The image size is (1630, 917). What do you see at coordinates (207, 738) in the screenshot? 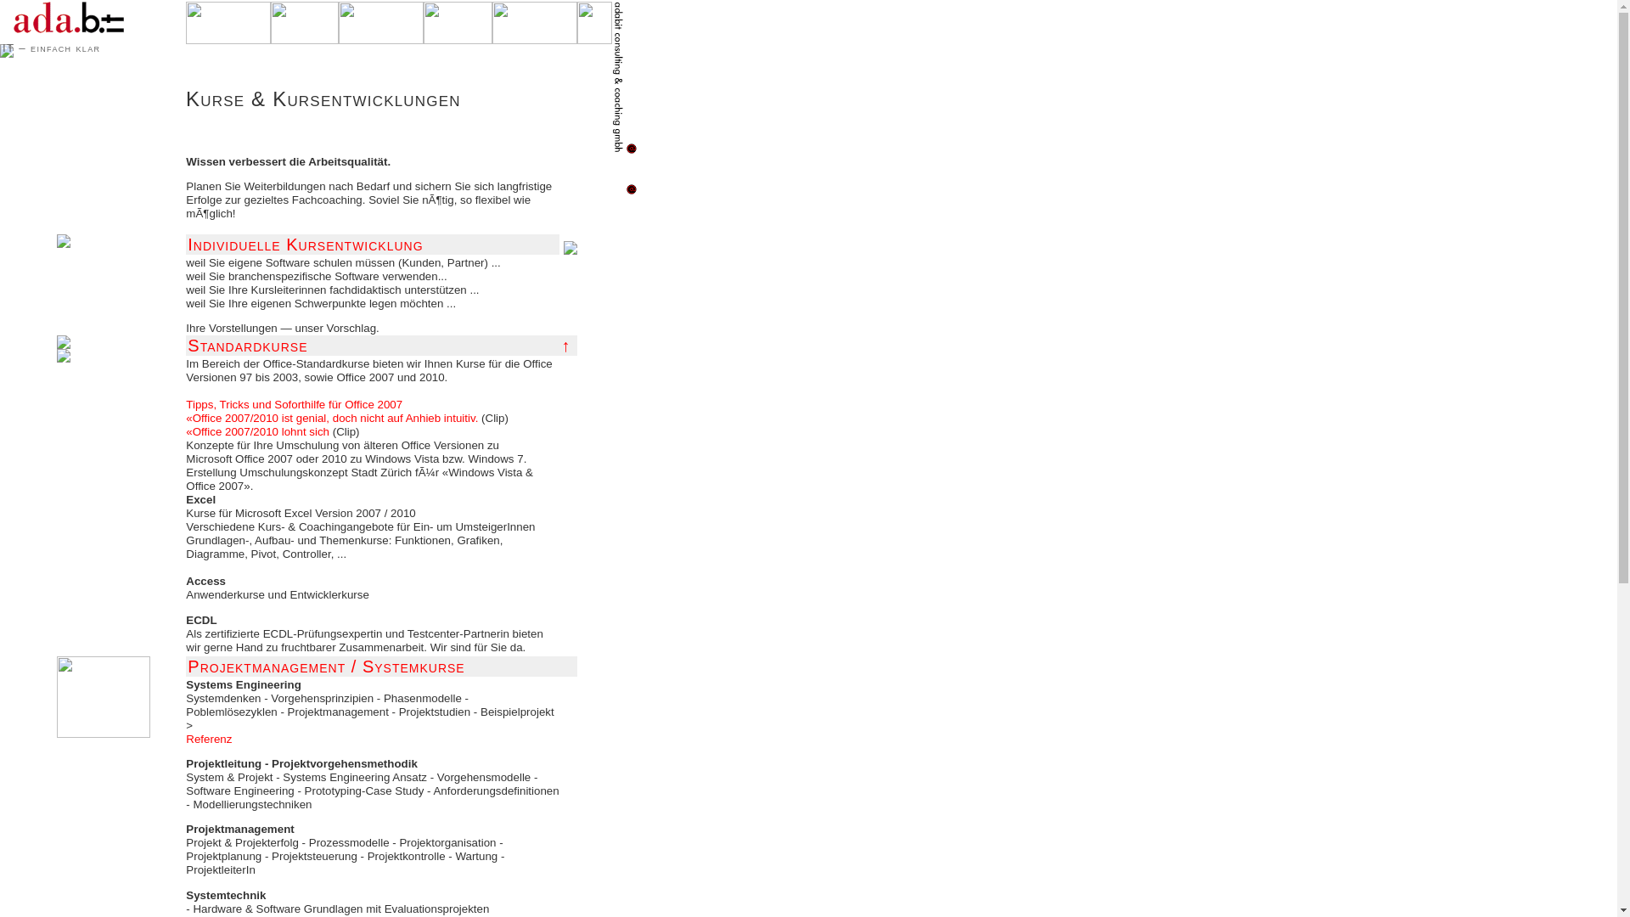
I see `'Referenz'` at bounding box center [207, 738].